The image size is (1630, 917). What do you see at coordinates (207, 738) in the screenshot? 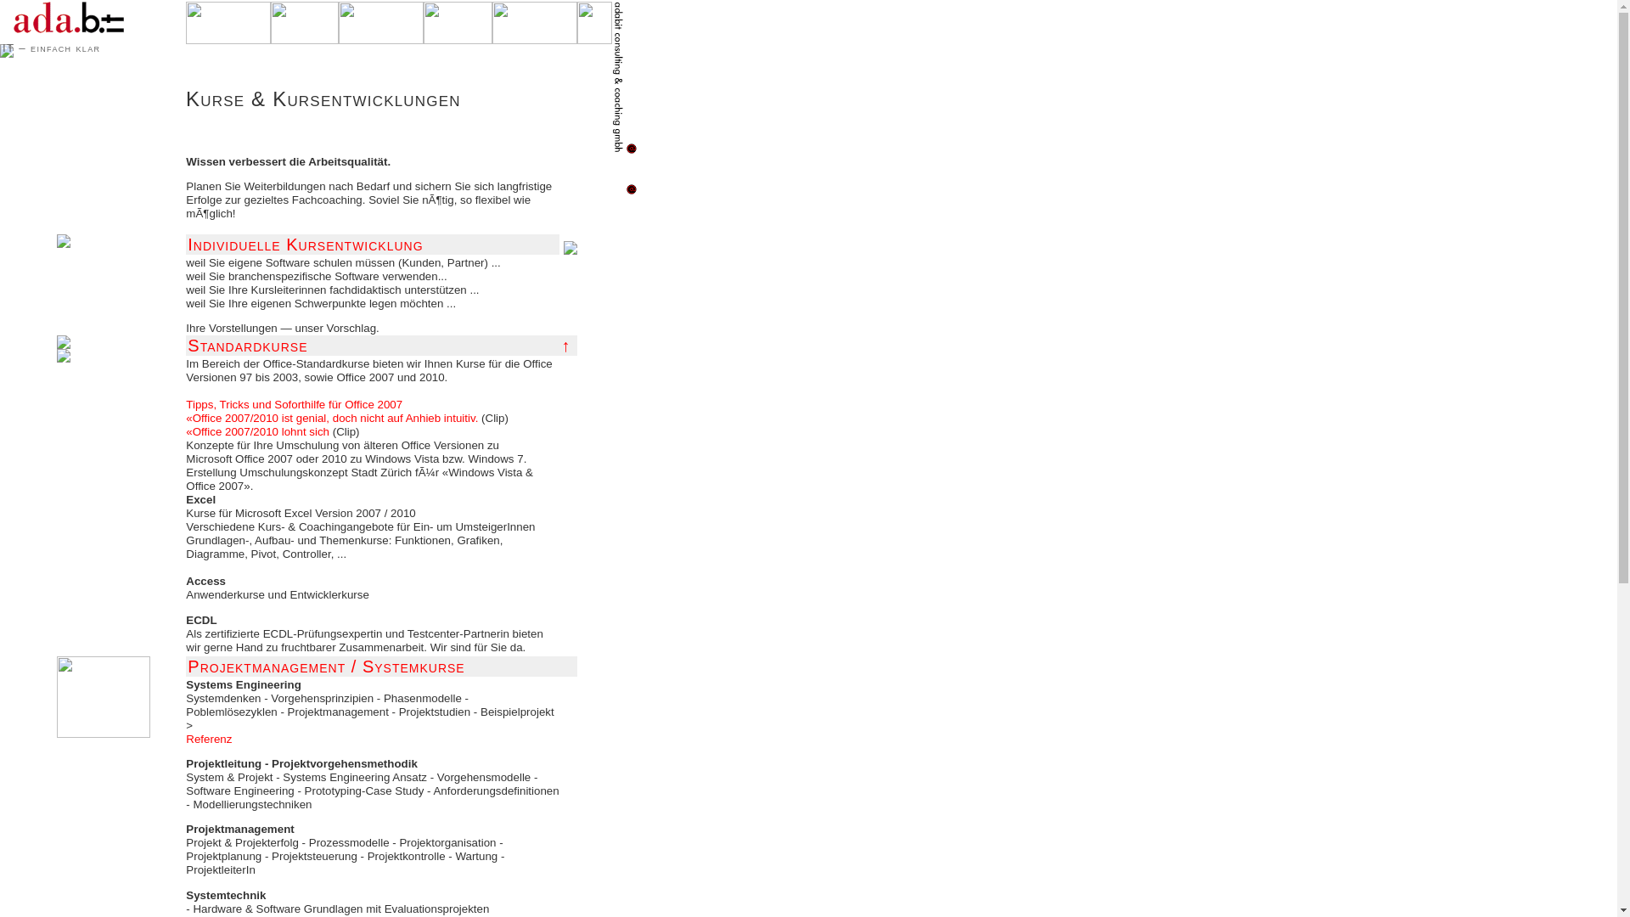
I see `'Referenz'` at bounding box center [207, 738].